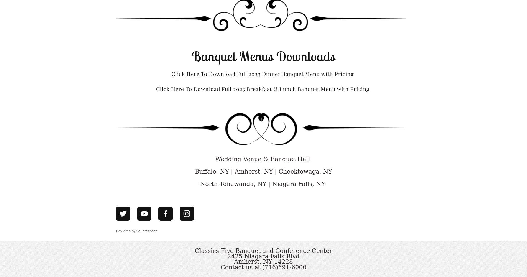 Image resolution: width=527 pixels, height=277 pixels. I want to click on 'North Tonawanda, NY | Niagara Falls, NY', so click(263, 183).